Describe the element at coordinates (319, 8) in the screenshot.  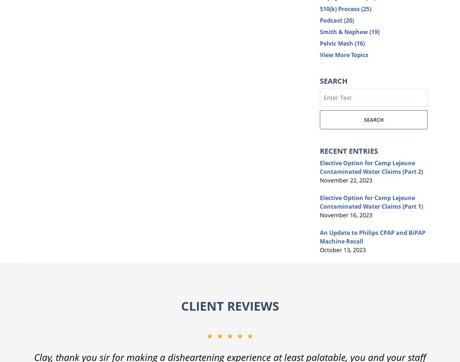
I see `'510(k) Process'` at that location.